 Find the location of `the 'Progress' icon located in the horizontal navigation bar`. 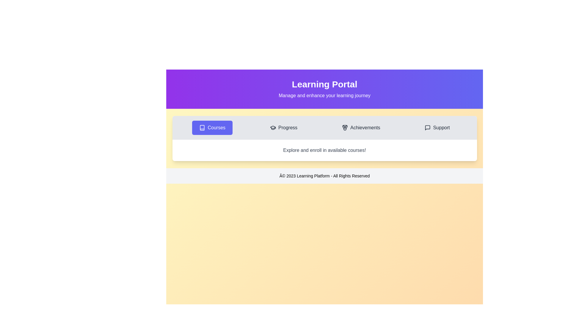

the 'Progress' icon located in the horizontal navigation bar is located at coordinates (272, 127).